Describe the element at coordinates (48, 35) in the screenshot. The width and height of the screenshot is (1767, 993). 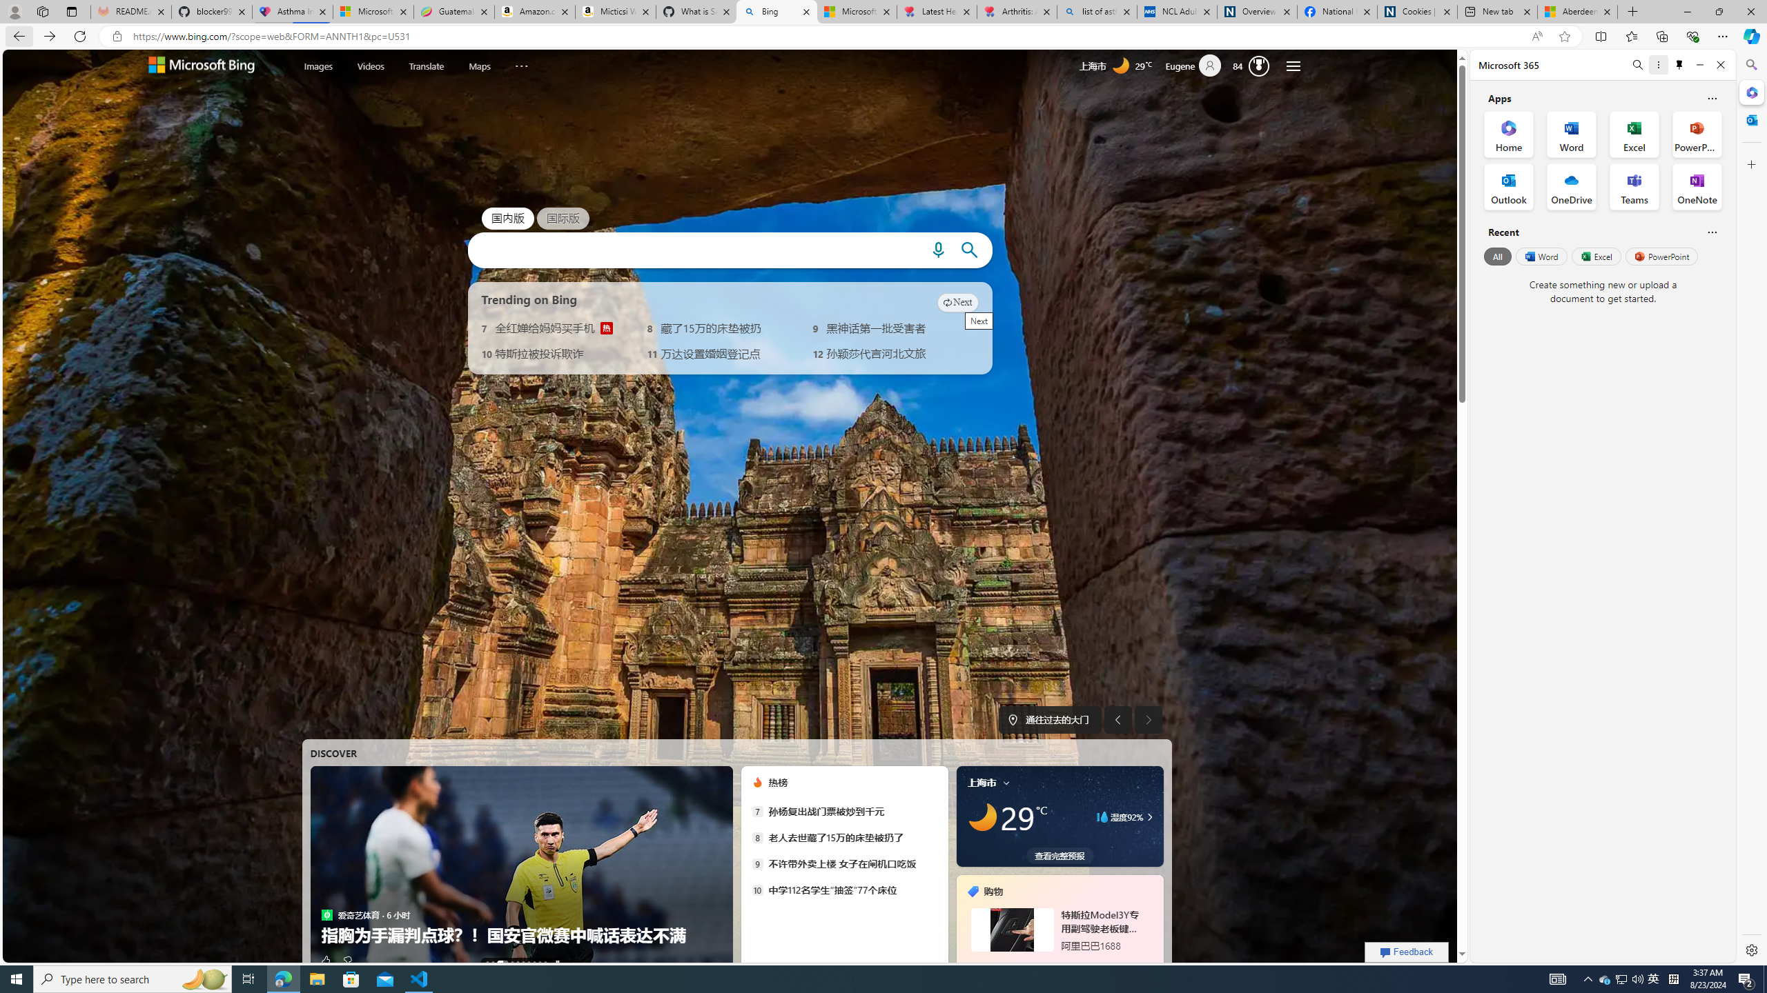
I see `'Forward'` at that location.